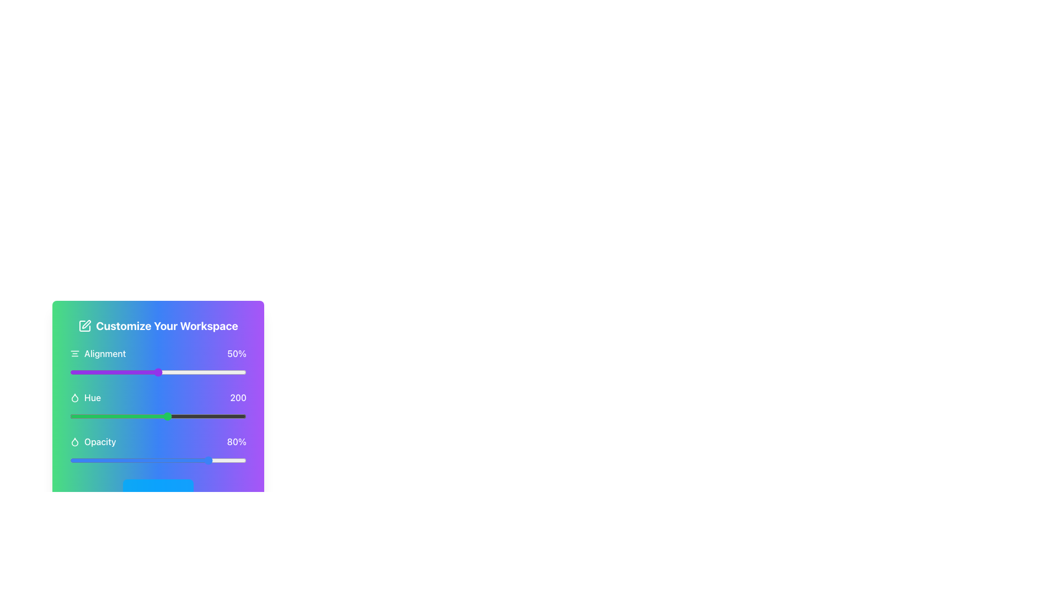 The width and height of the screenshot is (1059, 595). Describe the element at coordinates (133, 461) in the screenshot. I see `the opacity slider` at that location.